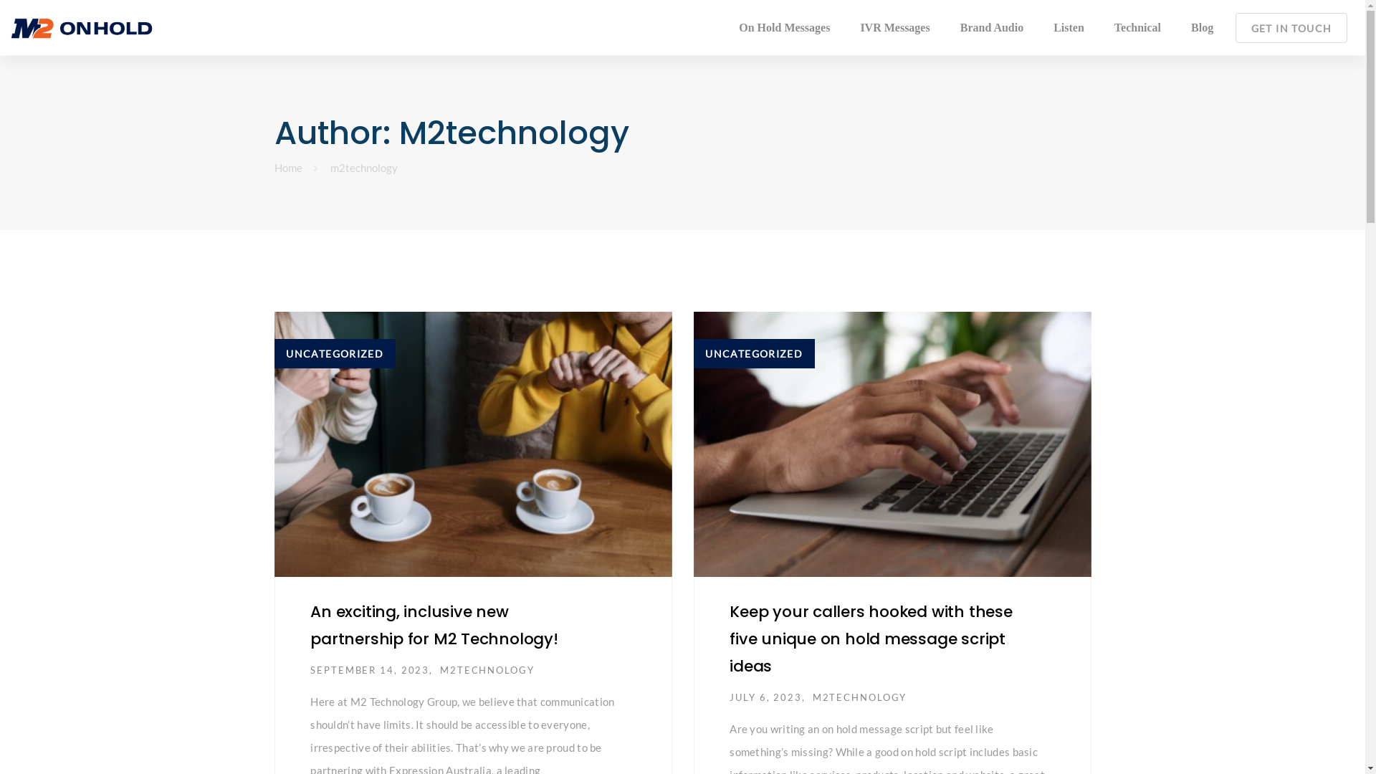  What do you see at coordinates (274, 167) in the screenshot?
I see `'Home'` at bounding box center [274, 167].